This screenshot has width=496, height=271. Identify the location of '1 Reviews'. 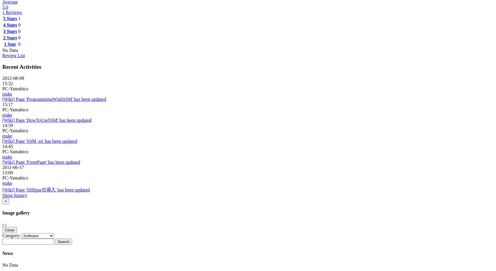
(12, 12).